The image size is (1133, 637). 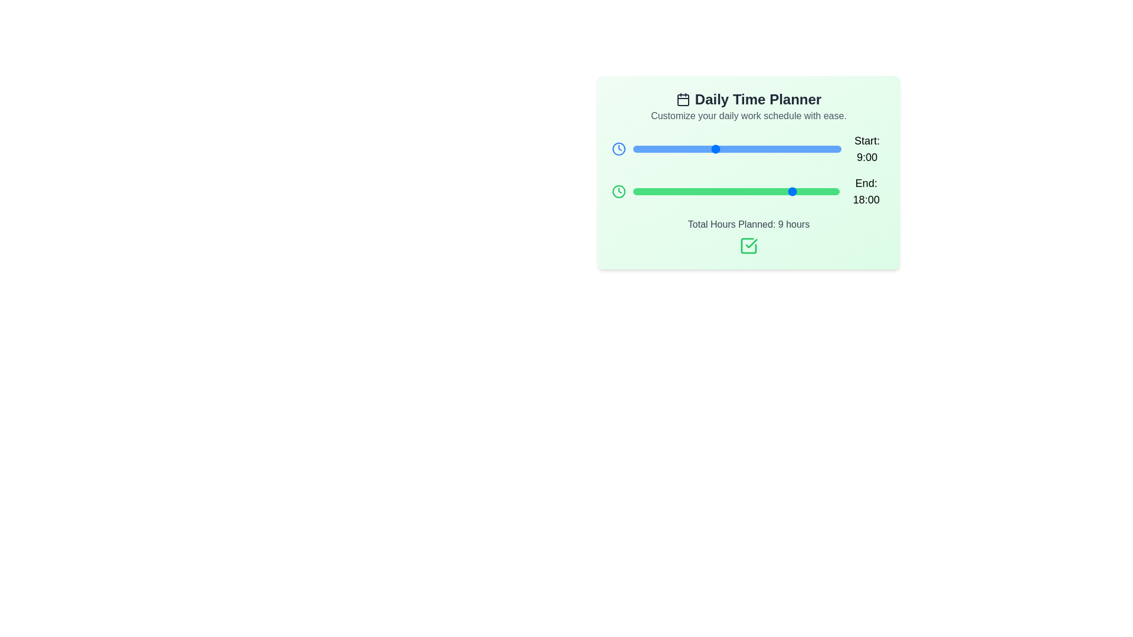 I want to click on the calendar icon in the header, so click(x=683, y=99).